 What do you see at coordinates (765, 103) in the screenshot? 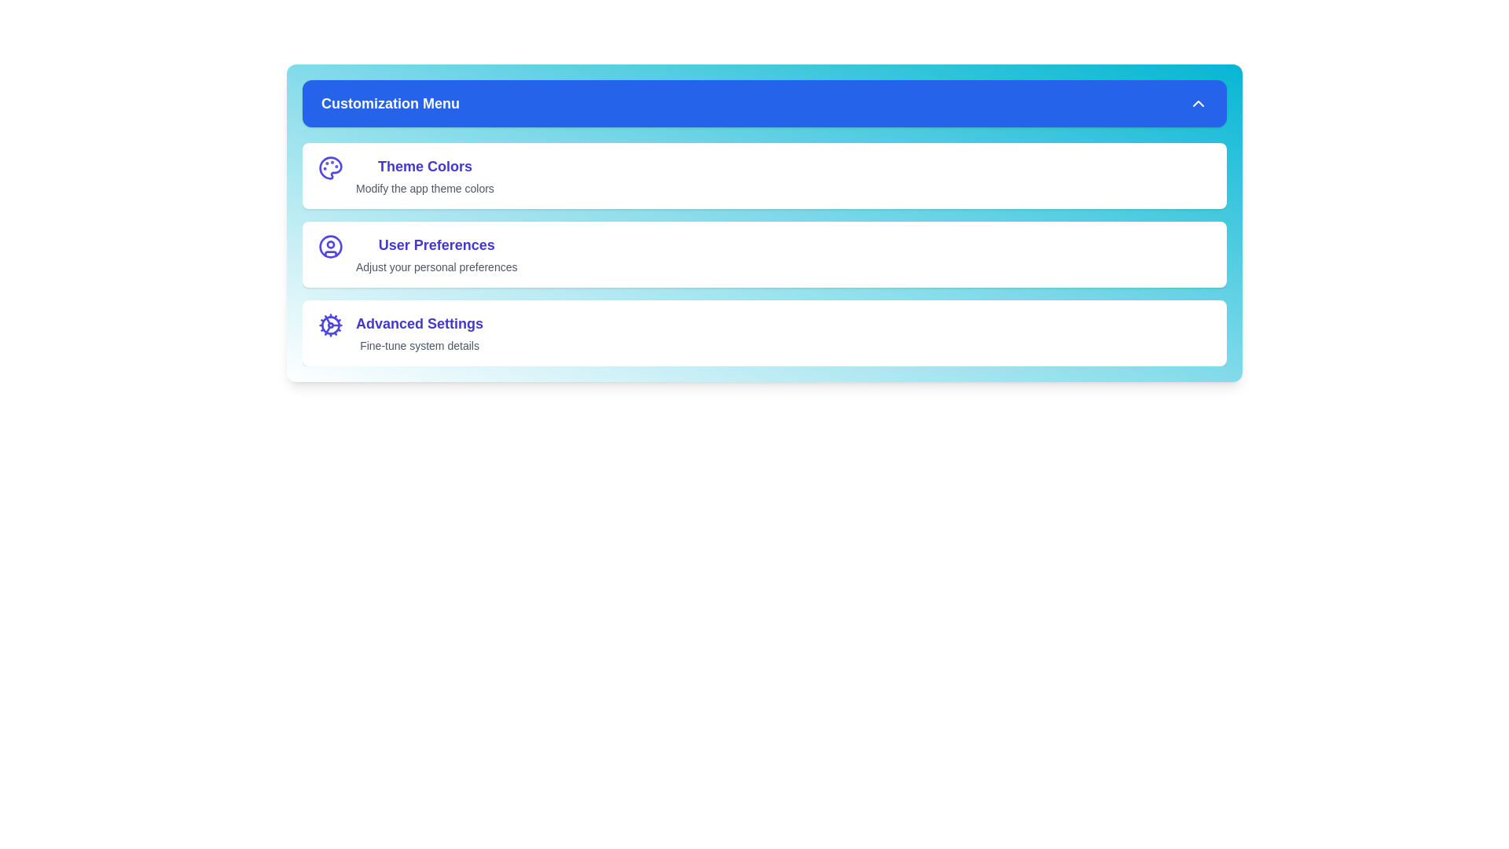
I see `the menu toggle button to change its visibility state` at bounding box center [765, 103].